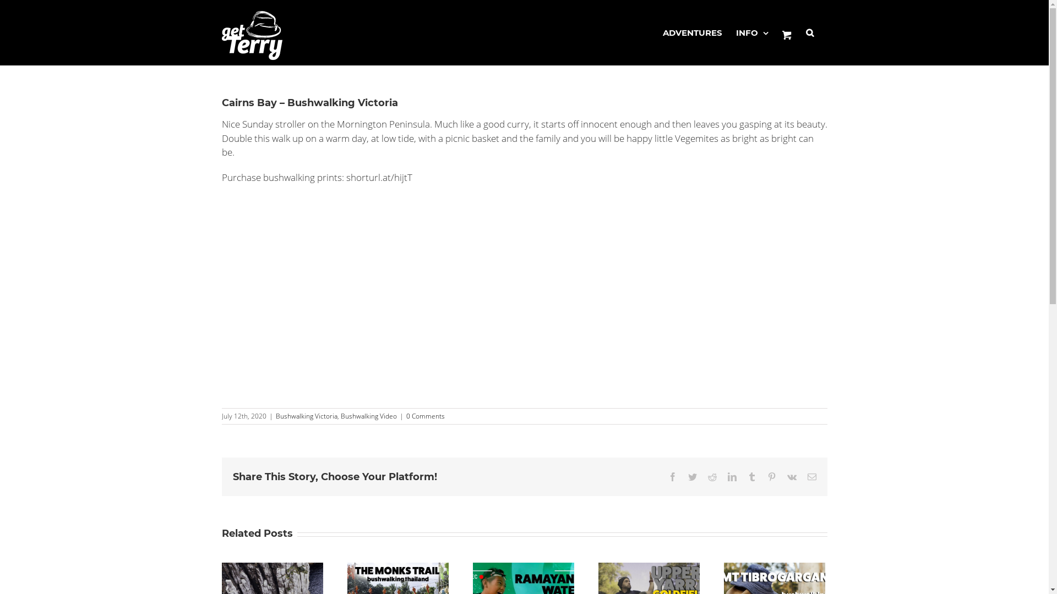  I want to click on 'LinkedIn', so click(732, 476).